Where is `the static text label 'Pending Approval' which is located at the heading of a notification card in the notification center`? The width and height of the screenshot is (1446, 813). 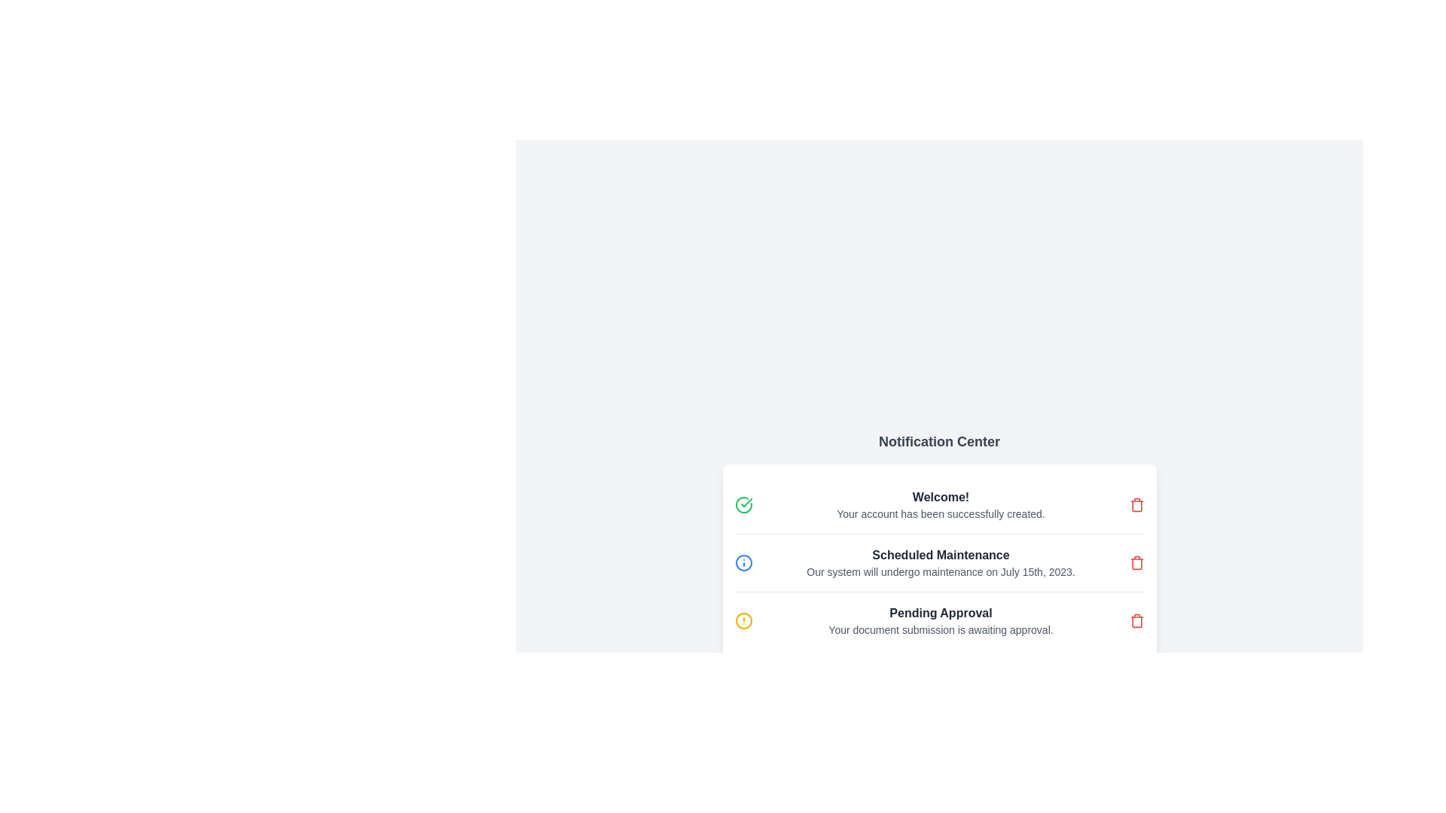
the static text label 'Pending Approval' which is located at the heading of a notification card in the notification center is located at coordinates (940, 613).